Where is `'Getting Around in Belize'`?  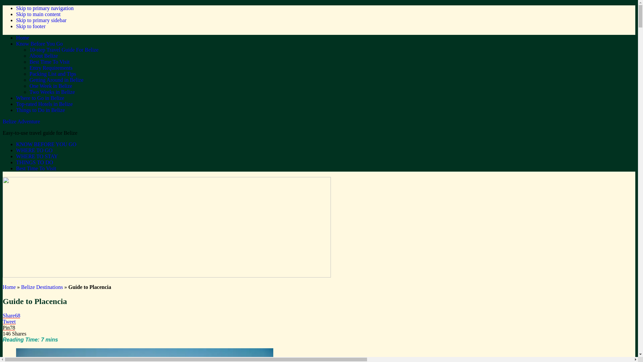 'Getting Around in Belize' is located at coordinates (56, 79).